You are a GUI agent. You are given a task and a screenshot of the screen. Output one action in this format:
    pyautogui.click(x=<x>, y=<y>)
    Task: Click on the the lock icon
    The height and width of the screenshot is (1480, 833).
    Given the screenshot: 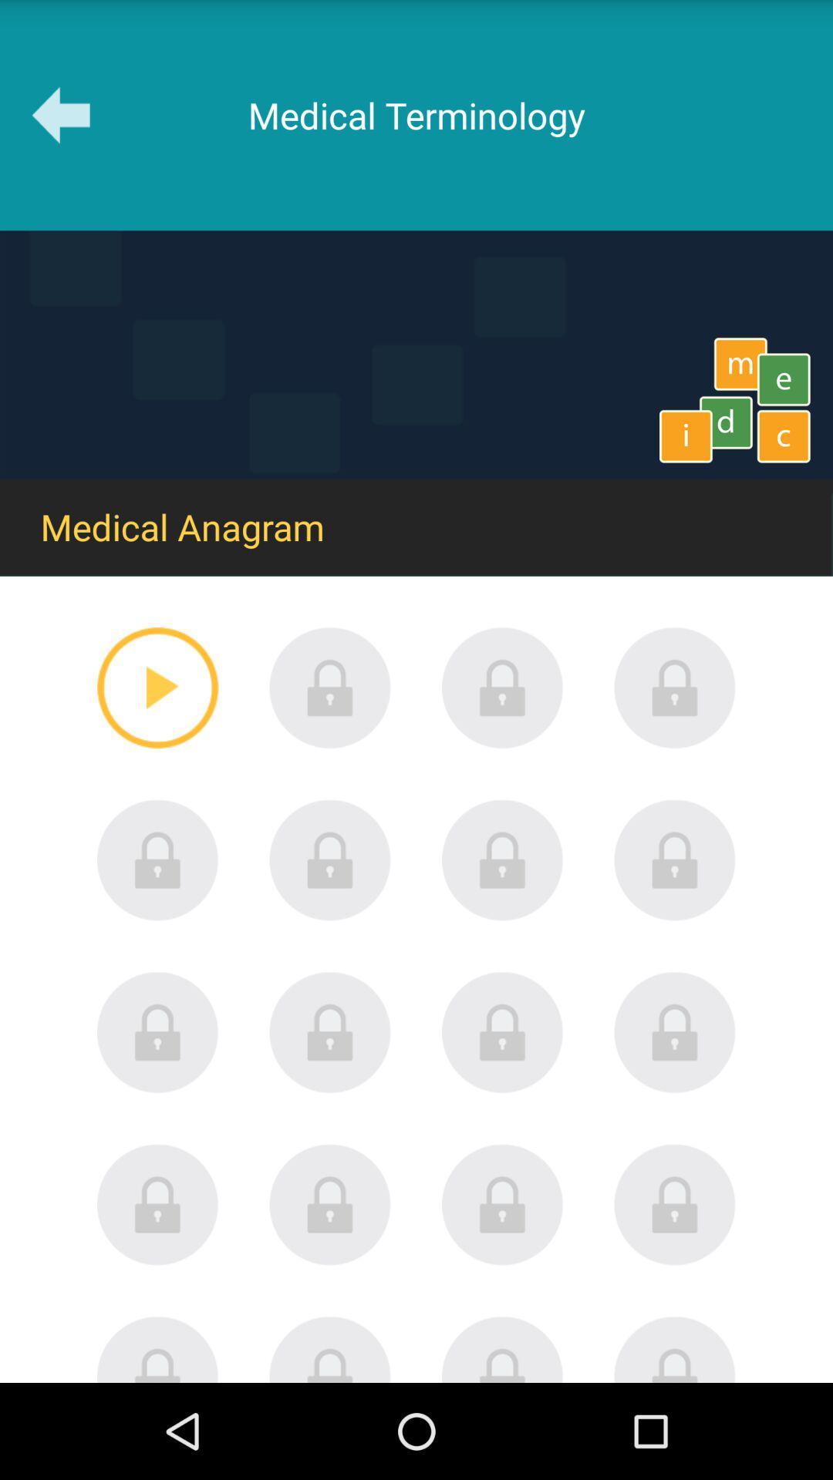 What is the action you would take?
    pyautogui.click(x=674, y=1289)
    